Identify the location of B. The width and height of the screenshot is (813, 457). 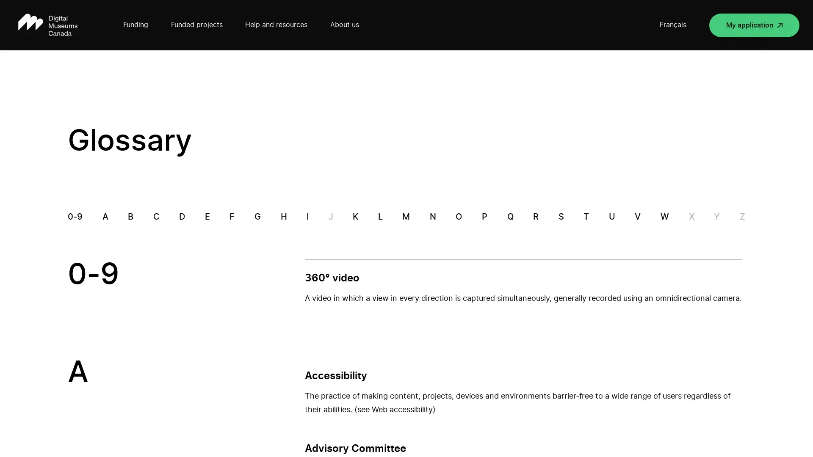
(130, 217).